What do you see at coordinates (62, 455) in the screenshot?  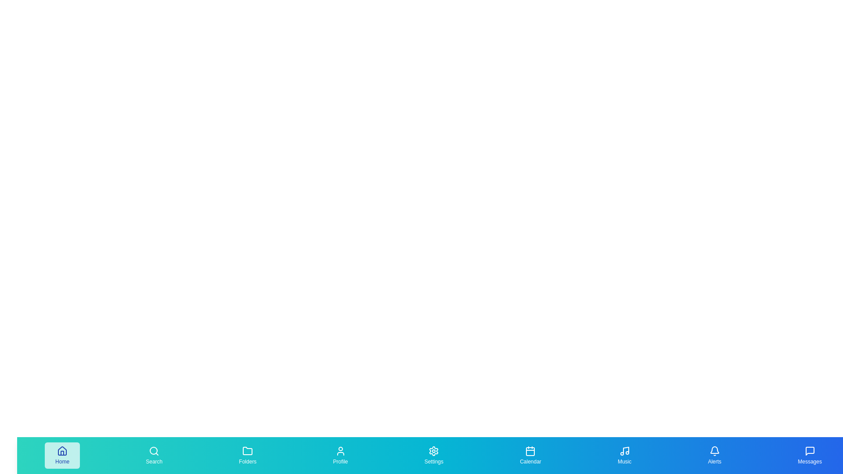 I see `the 'Home' tab to activate it` at bounding box center [62, 455].